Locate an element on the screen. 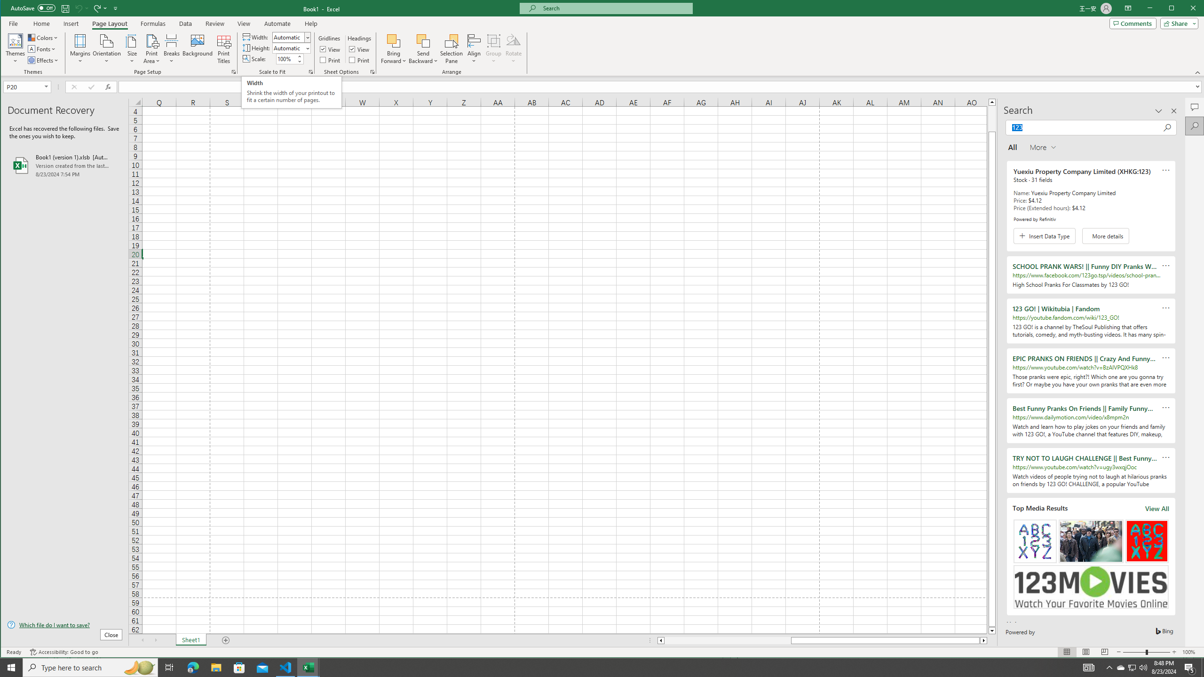 The height and width of the screenshot is (677, 1204). 'Bring Forward' is located at coordinates (394, 40).